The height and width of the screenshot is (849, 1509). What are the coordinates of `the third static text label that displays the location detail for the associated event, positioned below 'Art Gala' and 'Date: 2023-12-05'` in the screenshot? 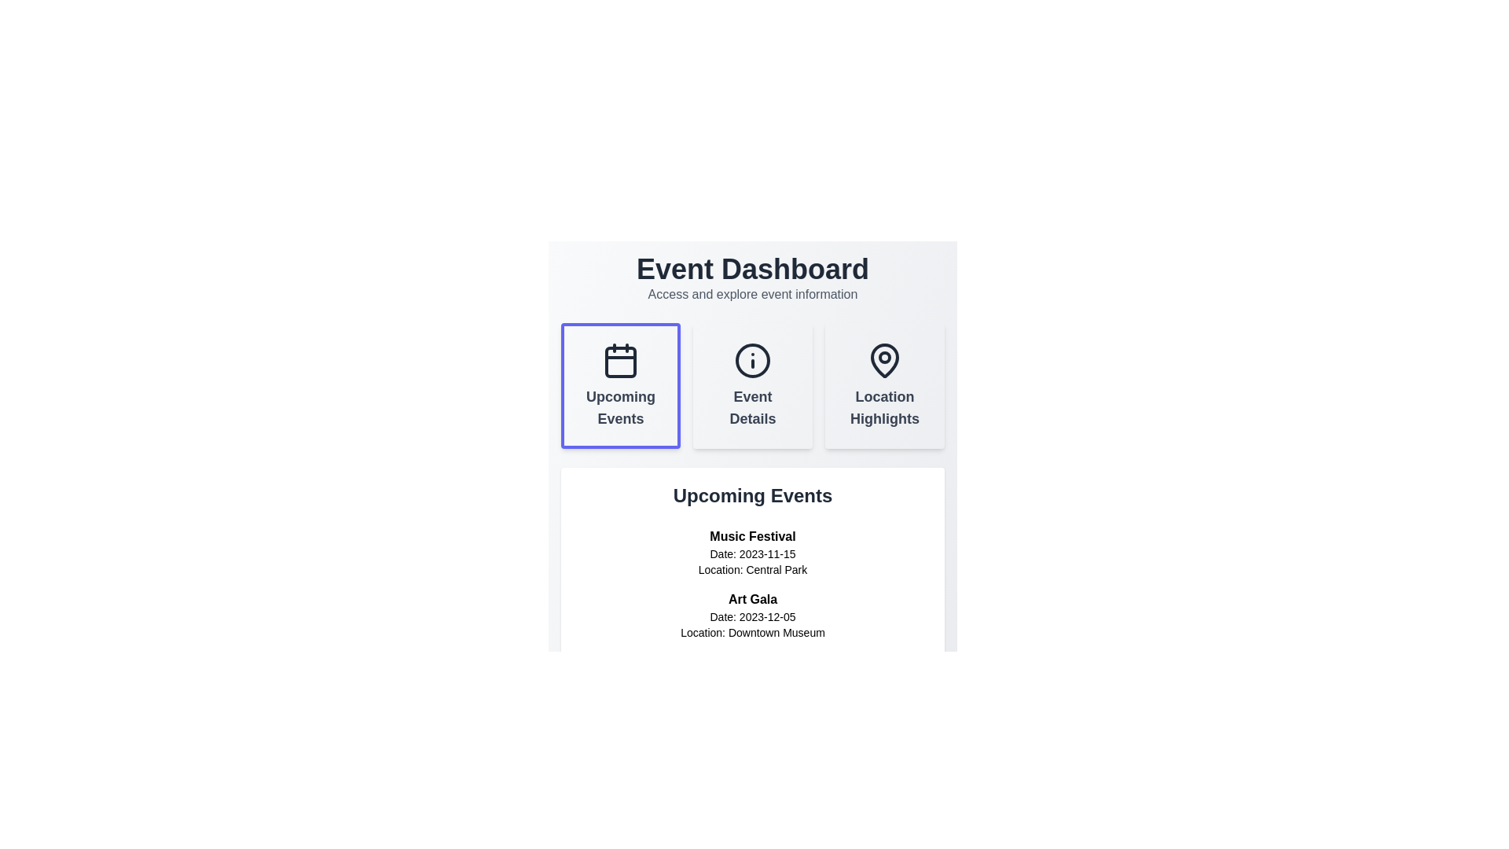 It's located at (752, 632).